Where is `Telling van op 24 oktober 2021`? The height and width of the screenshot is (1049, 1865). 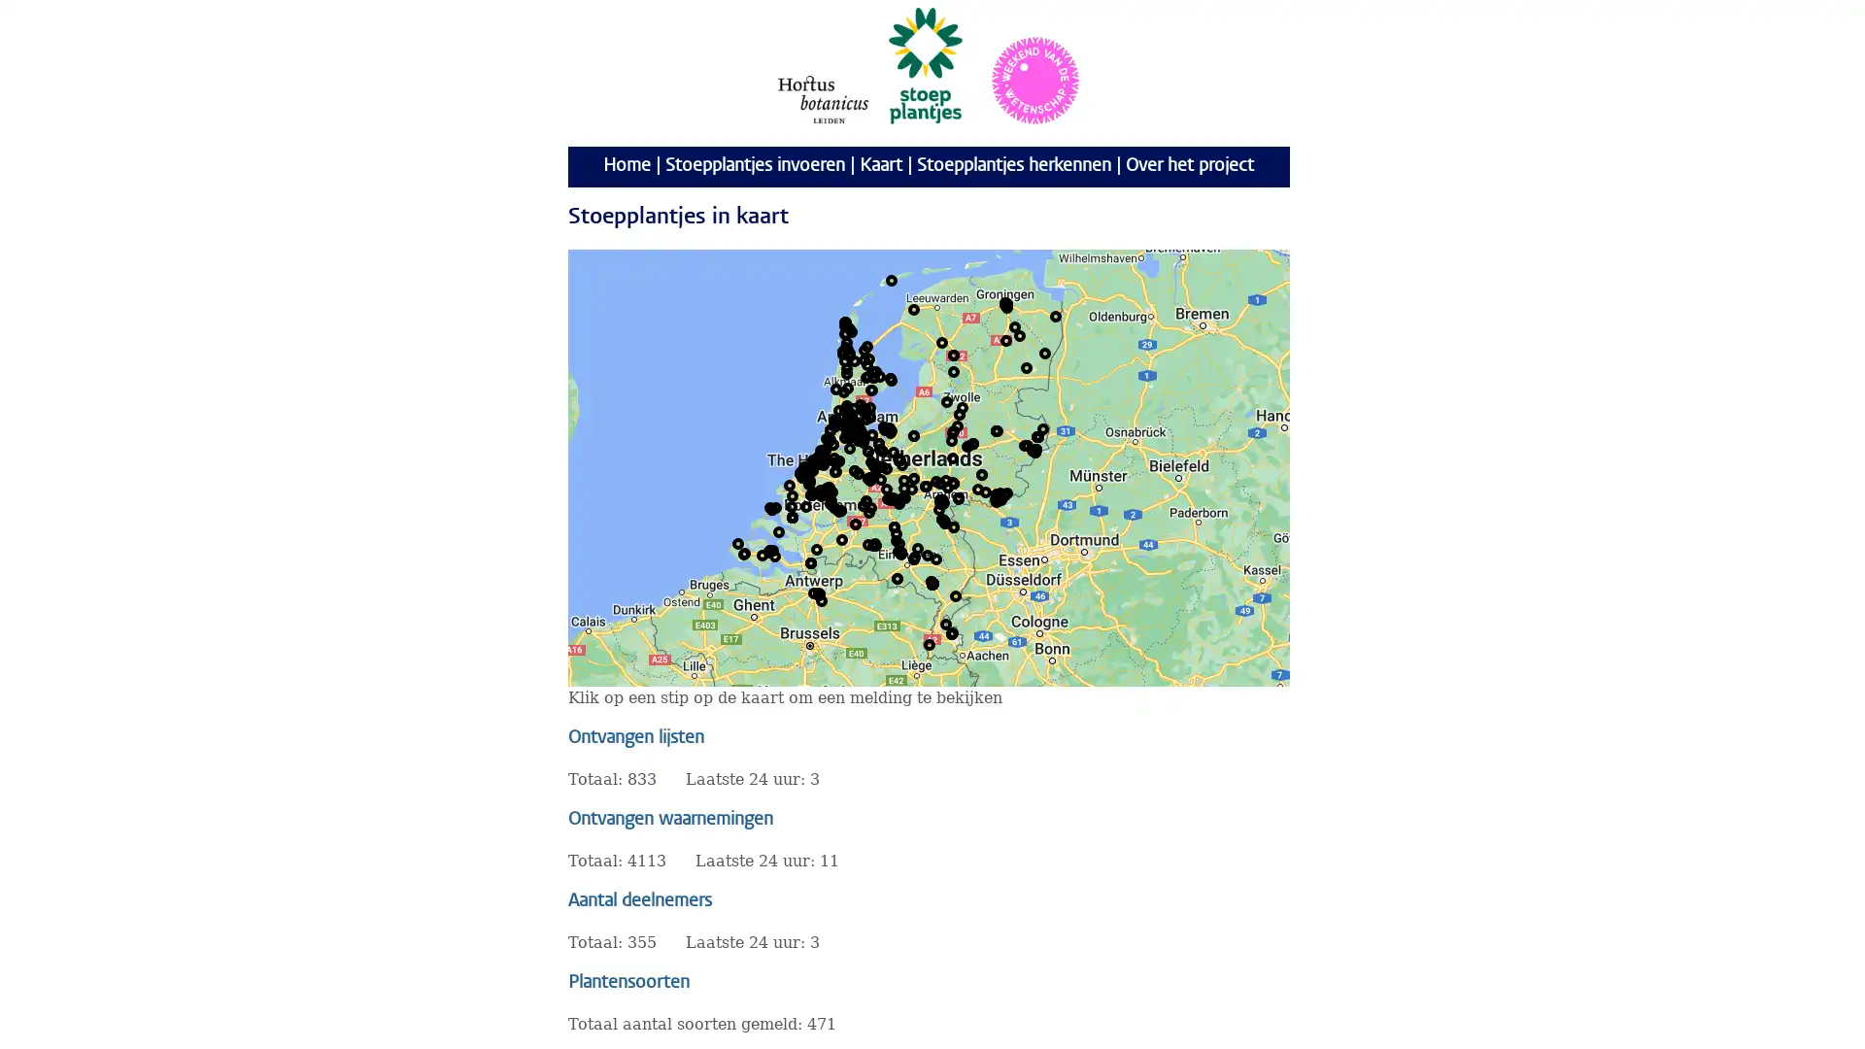 Telling van op 24 oktober 2021 is located at coordinates (1005, 303).